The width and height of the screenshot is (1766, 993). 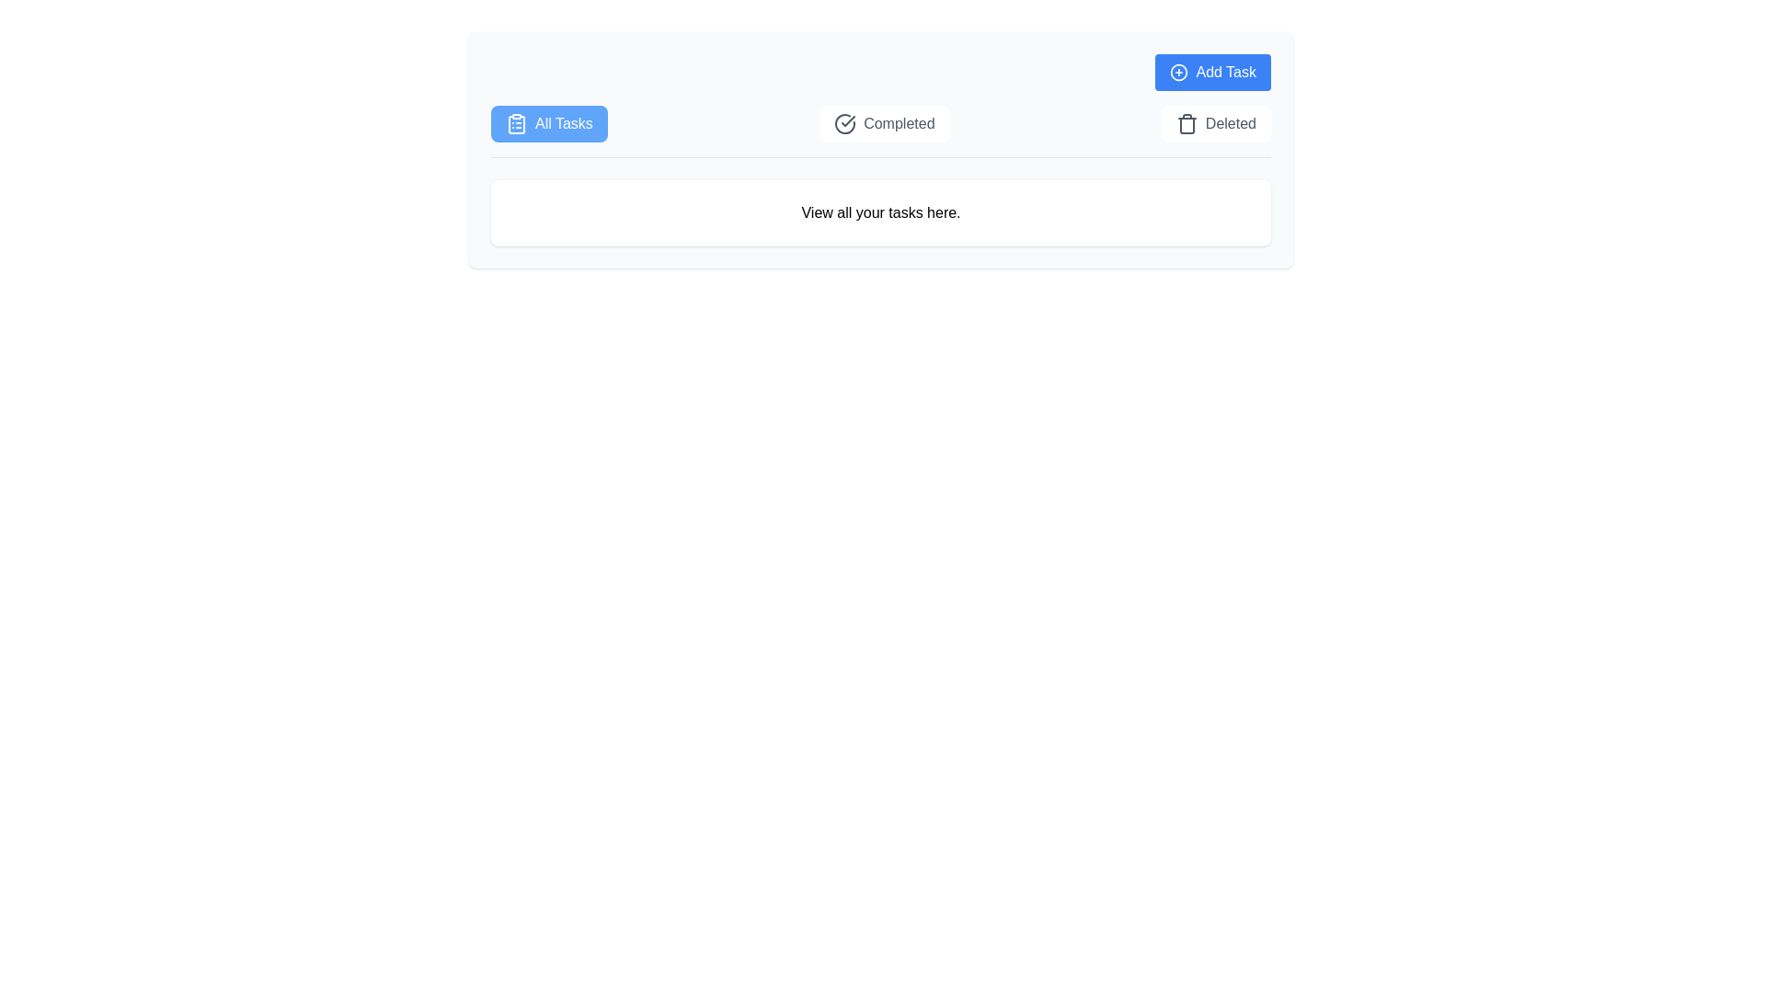 What do you see at coordinates (1187, 124) in the screenshot?
I see `the deletion icon located inside the 'Deleted' button in the top-right quadrant of the interface` at bounding box center [1187, 124].